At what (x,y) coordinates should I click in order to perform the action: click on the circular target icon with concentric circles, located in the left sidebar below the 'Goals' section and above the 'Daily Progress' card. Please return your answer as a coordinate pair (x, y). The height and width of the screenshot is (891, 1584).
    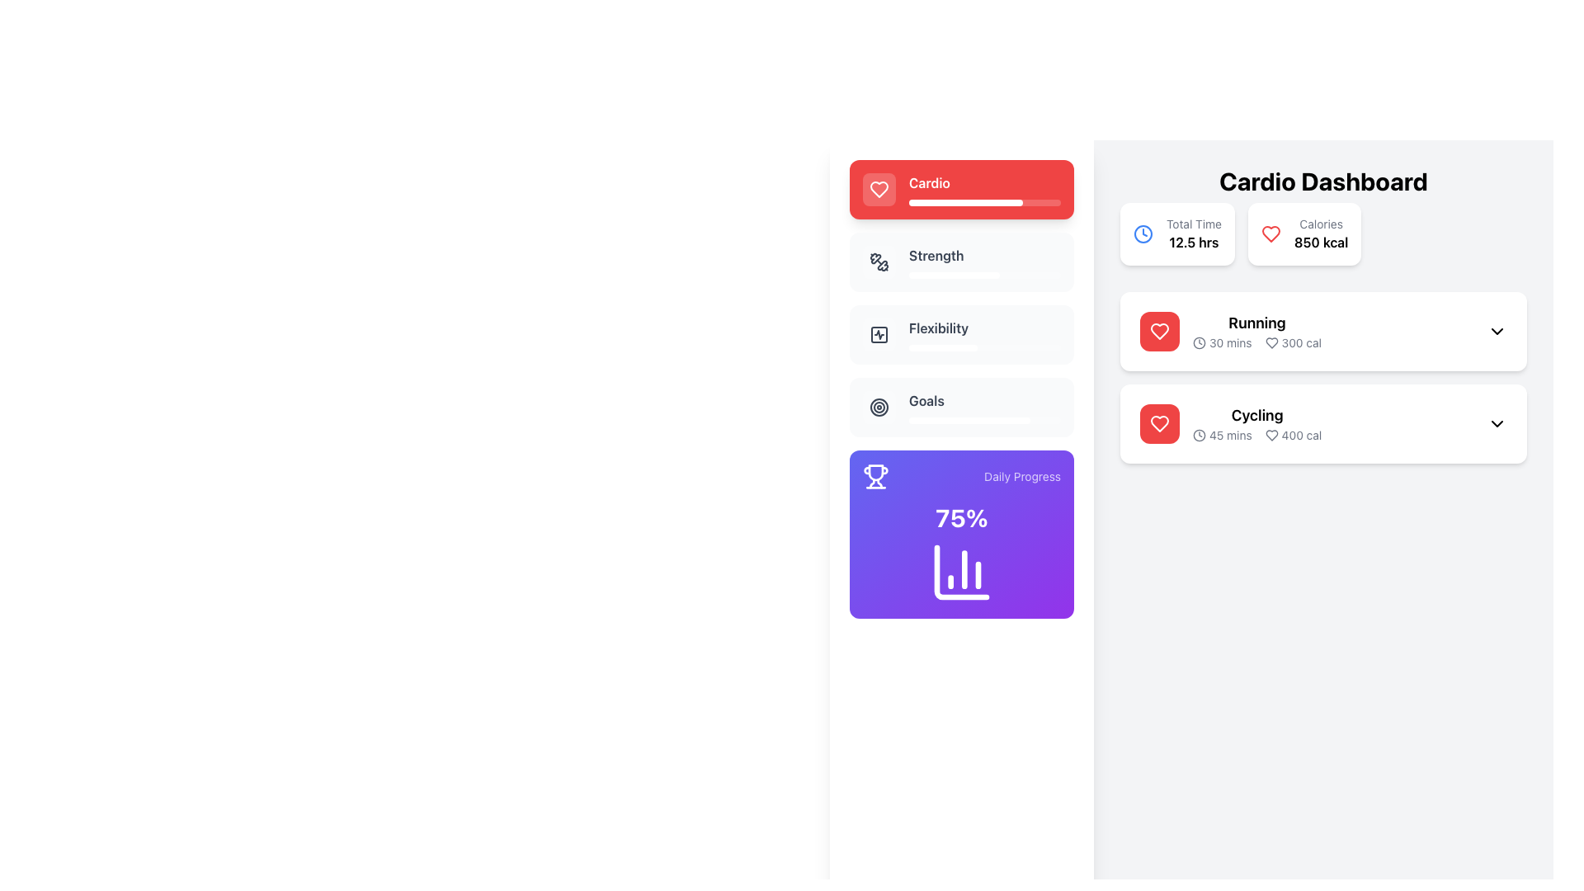
    Looking at the image, I should click on (878, 407).